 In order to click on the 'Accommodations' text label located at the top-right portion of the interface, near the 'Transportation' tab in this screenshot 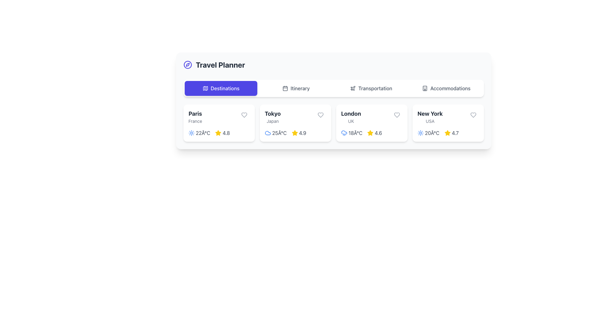, I will do `click(450, 88)`.